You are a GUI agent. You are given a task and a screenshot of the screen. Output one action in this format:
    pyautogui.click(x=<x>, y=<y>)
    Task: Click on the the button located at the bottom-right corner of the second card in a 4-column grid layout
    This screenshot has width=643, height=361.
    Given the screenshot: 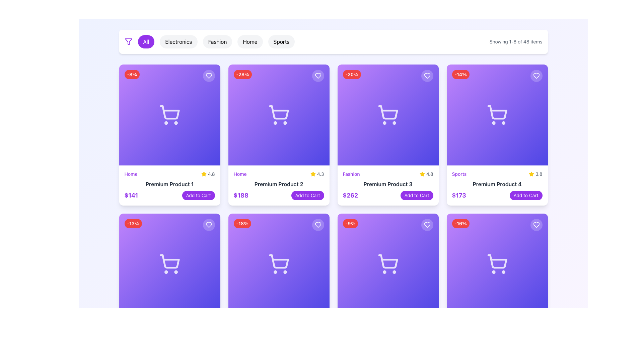 What is the action you would take?
    pyautogui.click(x=307, y=196)
    